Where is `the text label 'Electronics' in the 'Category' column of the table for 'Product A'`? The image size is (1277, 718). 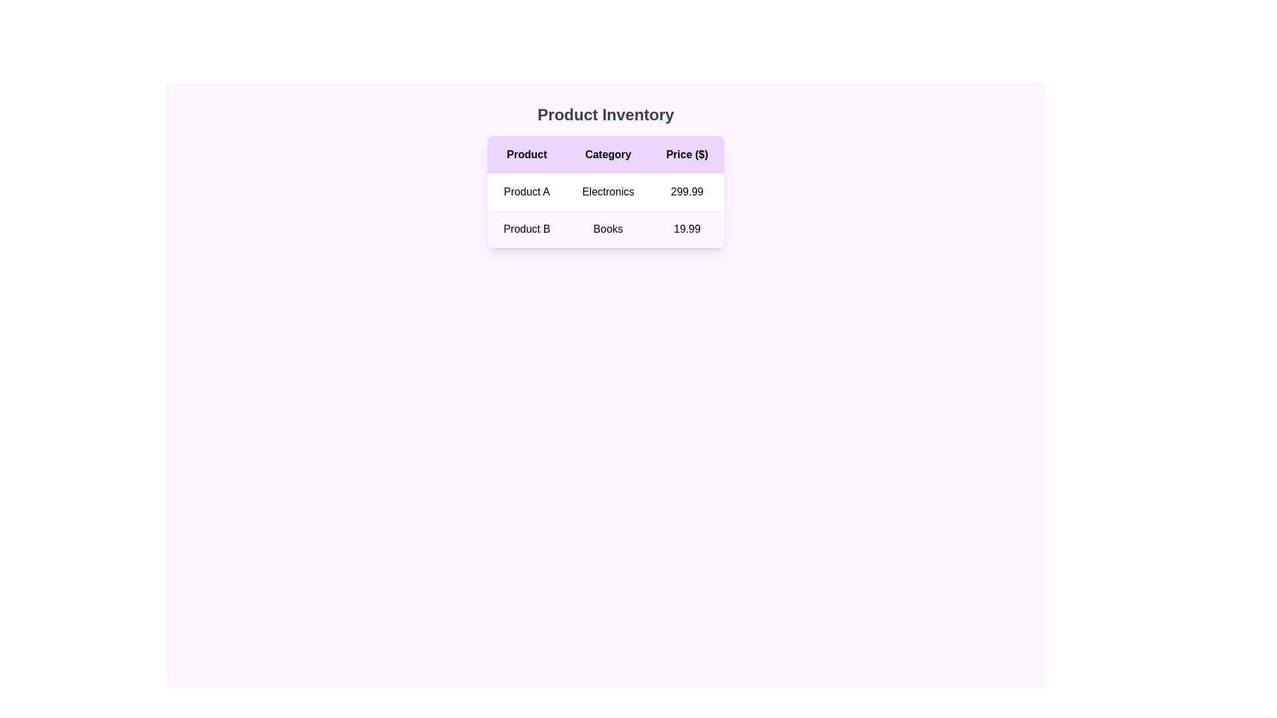
the text label 'Electronics' in the 'Category' column of the table for 'Product A' is located at coordinates (607, 192).